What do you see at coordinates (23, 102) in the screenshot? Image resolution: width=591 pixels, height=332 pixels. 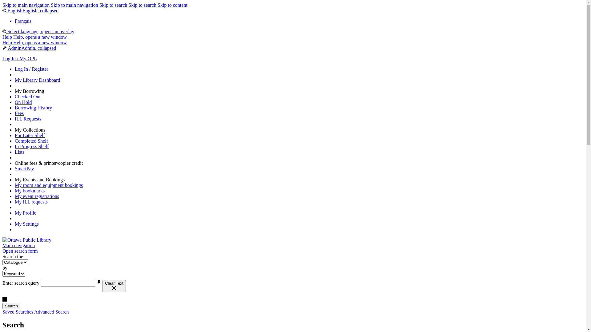 I see `'On Hold'` at bounding box center [23, 102].